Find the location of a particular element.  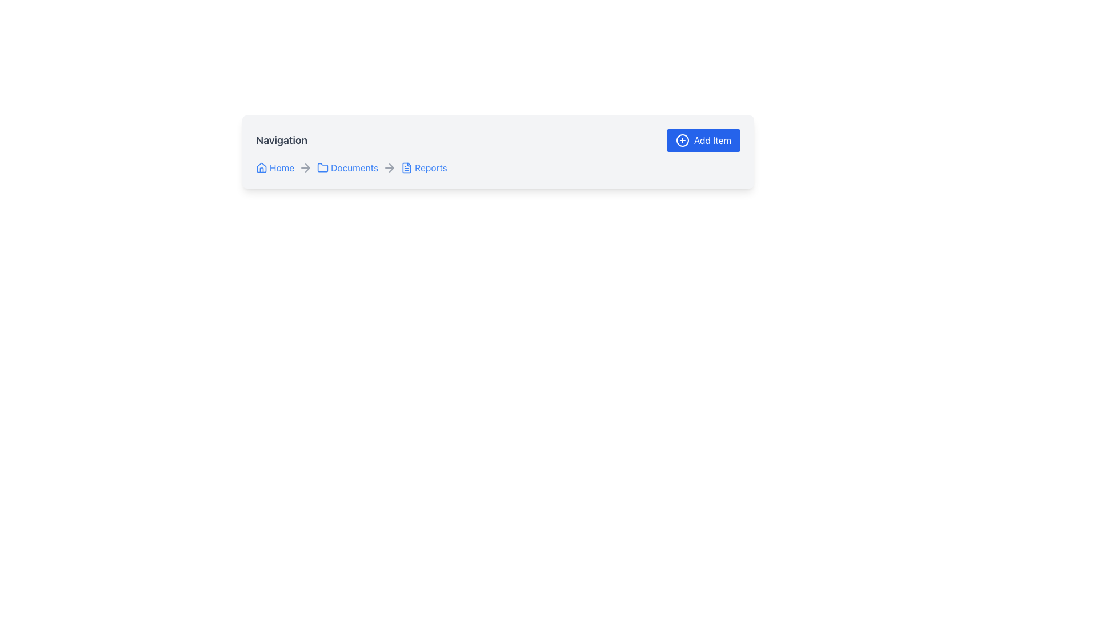

the navigation link for 'Documents' in the breadcrumb trail, which is located between the 'Home' link and 'Reports' link is located at coordinates (354, 167).